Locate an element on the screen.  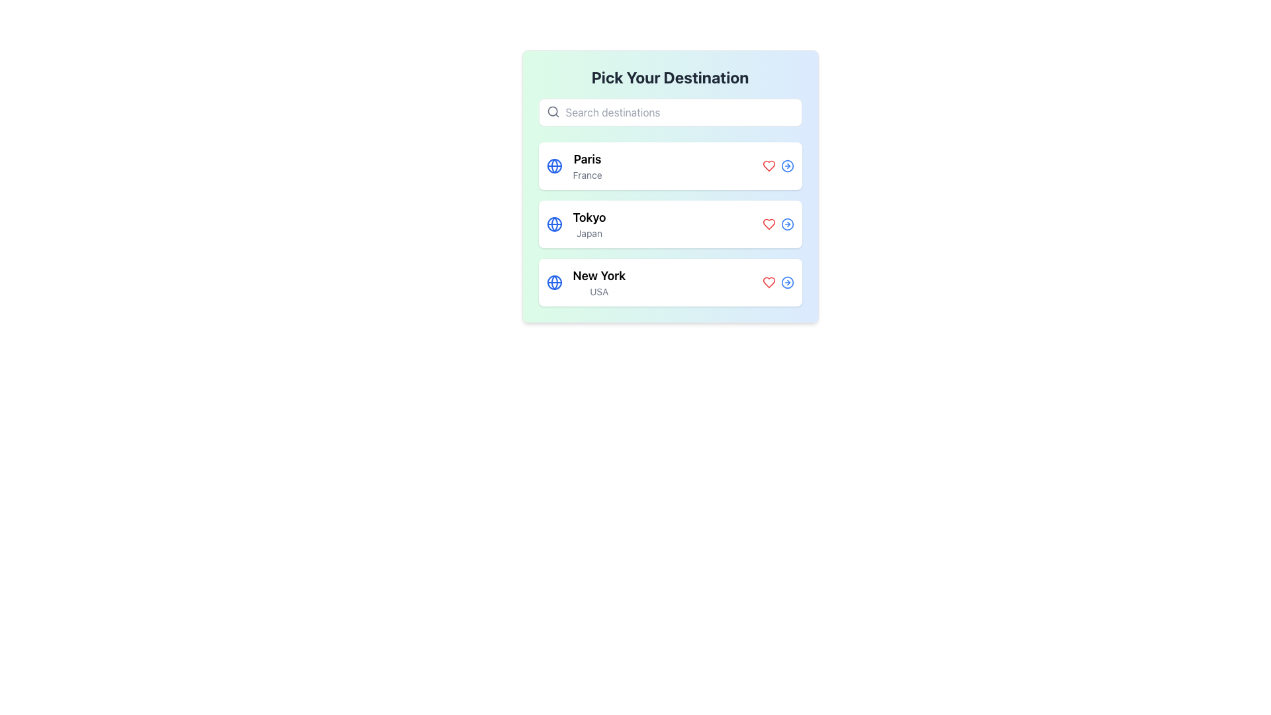
text information from the Label displaying 'Tokyo' in a bold font, located in the middle item of the vertical list of destinations, below the header 'Pick Your Destination' is located at coordinates (588, 224).